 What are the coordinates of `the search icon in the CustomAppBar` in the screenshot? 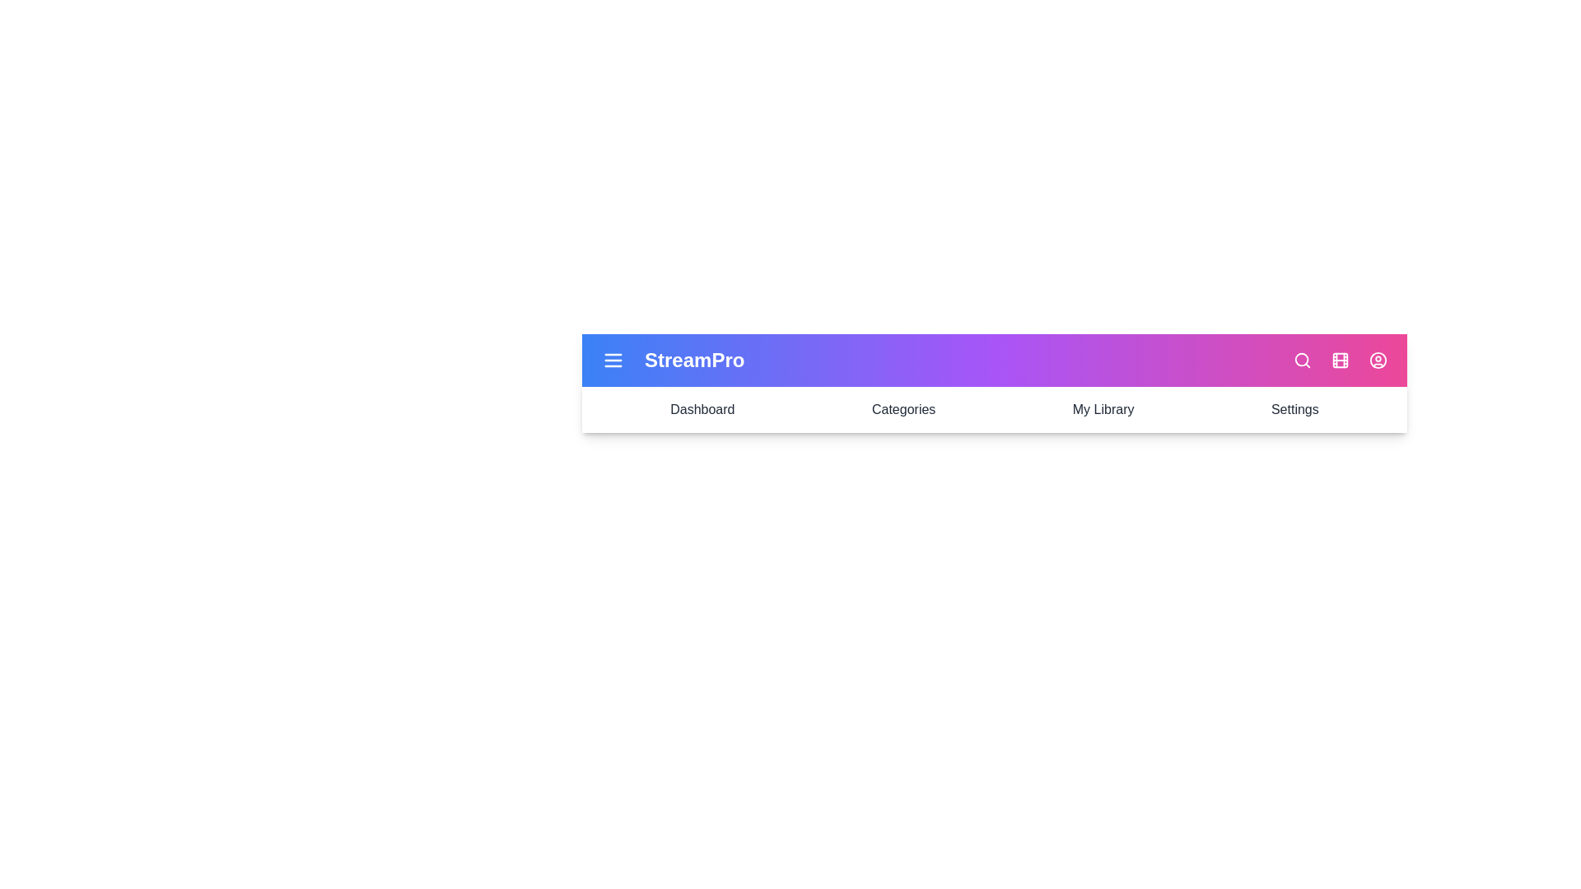 It's located at (1302, 360).